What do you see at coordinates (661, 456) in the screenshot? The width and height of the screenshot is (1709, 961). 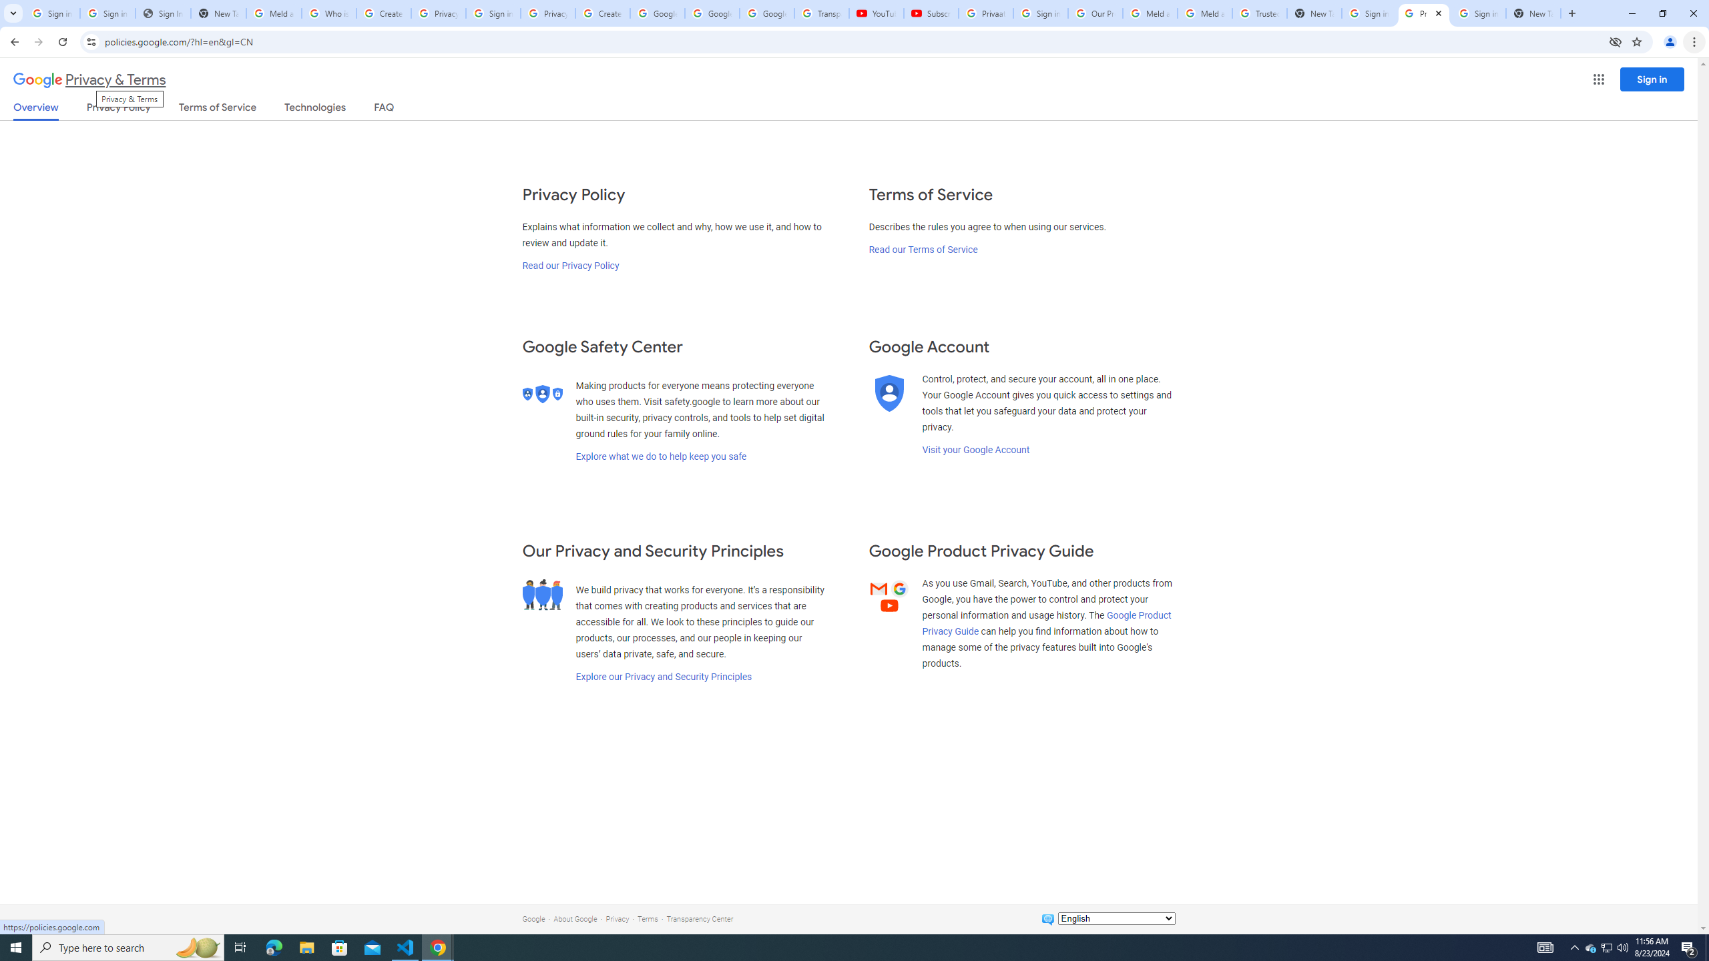 I see `'Explore what we do to help keep you safe'` at bounding box center [661, 456].